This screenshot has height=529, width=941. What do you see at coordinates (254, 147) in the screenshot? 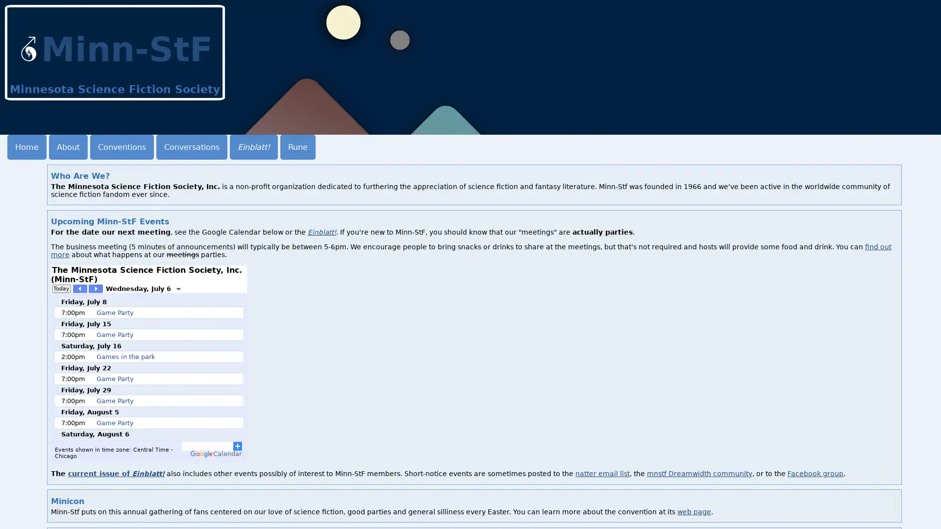
I see `Einblatt!` at bounding box center [254, 147].